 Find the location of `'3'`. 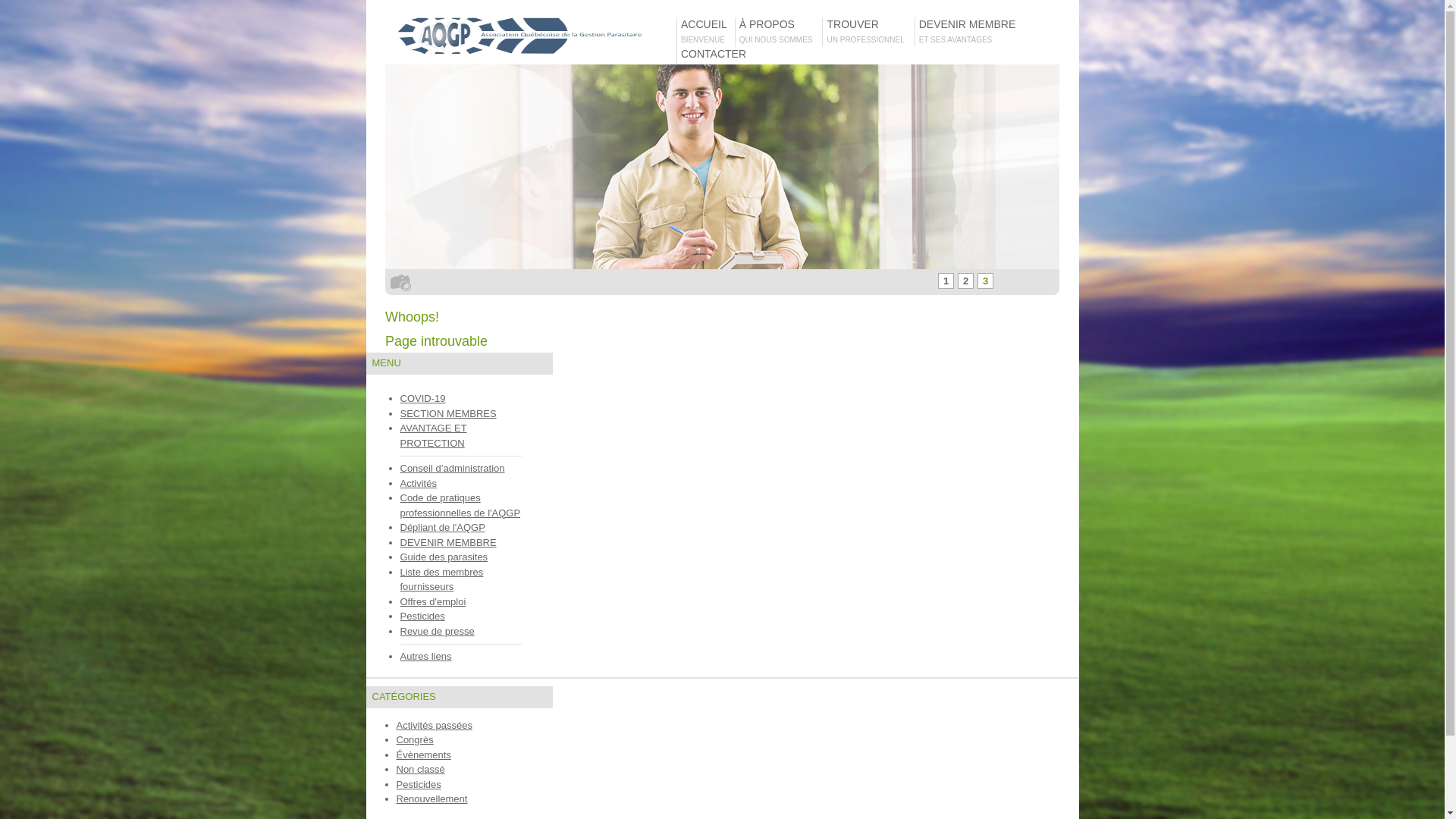

'3' is located at coordinates (985, 281).